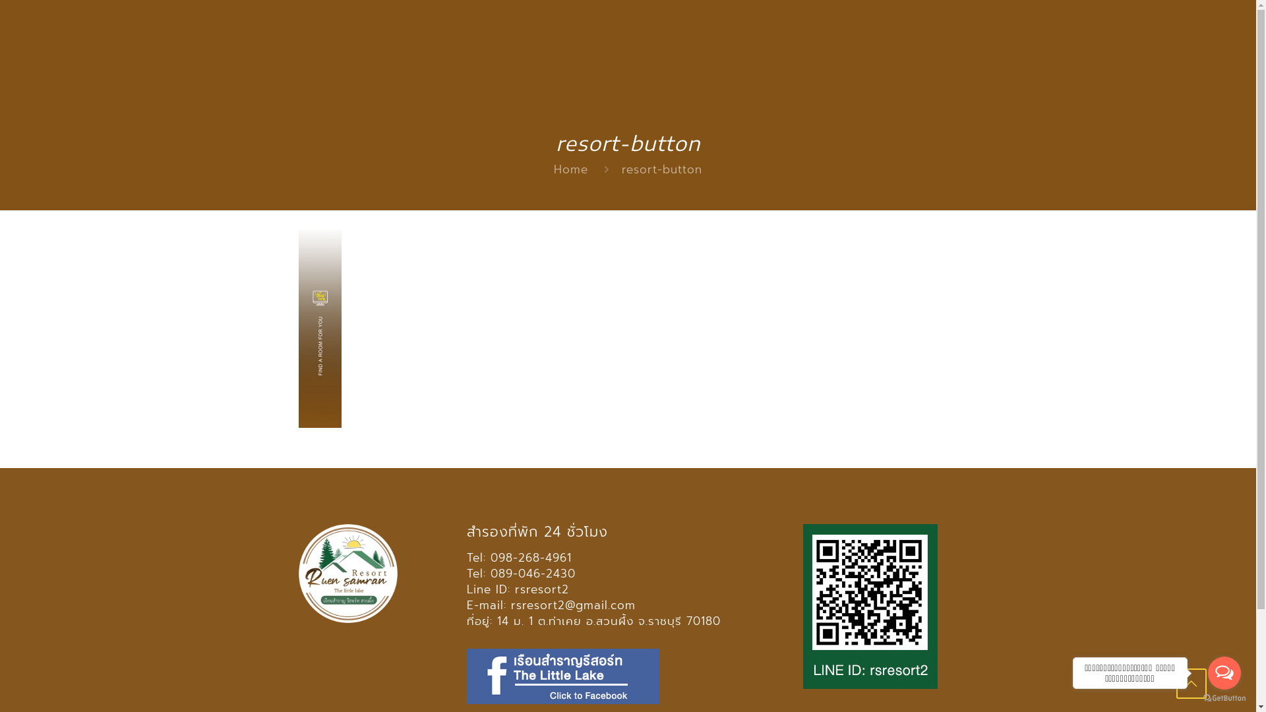 The image size is (1266, 712). I want to click on 'Home', so click(570, 169).